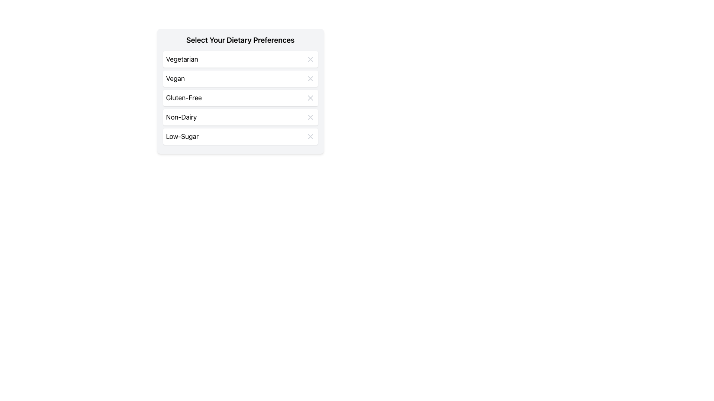  I want to click on the button located to the right of the 'Vegan' dietary preference entry, so click(310, 79).